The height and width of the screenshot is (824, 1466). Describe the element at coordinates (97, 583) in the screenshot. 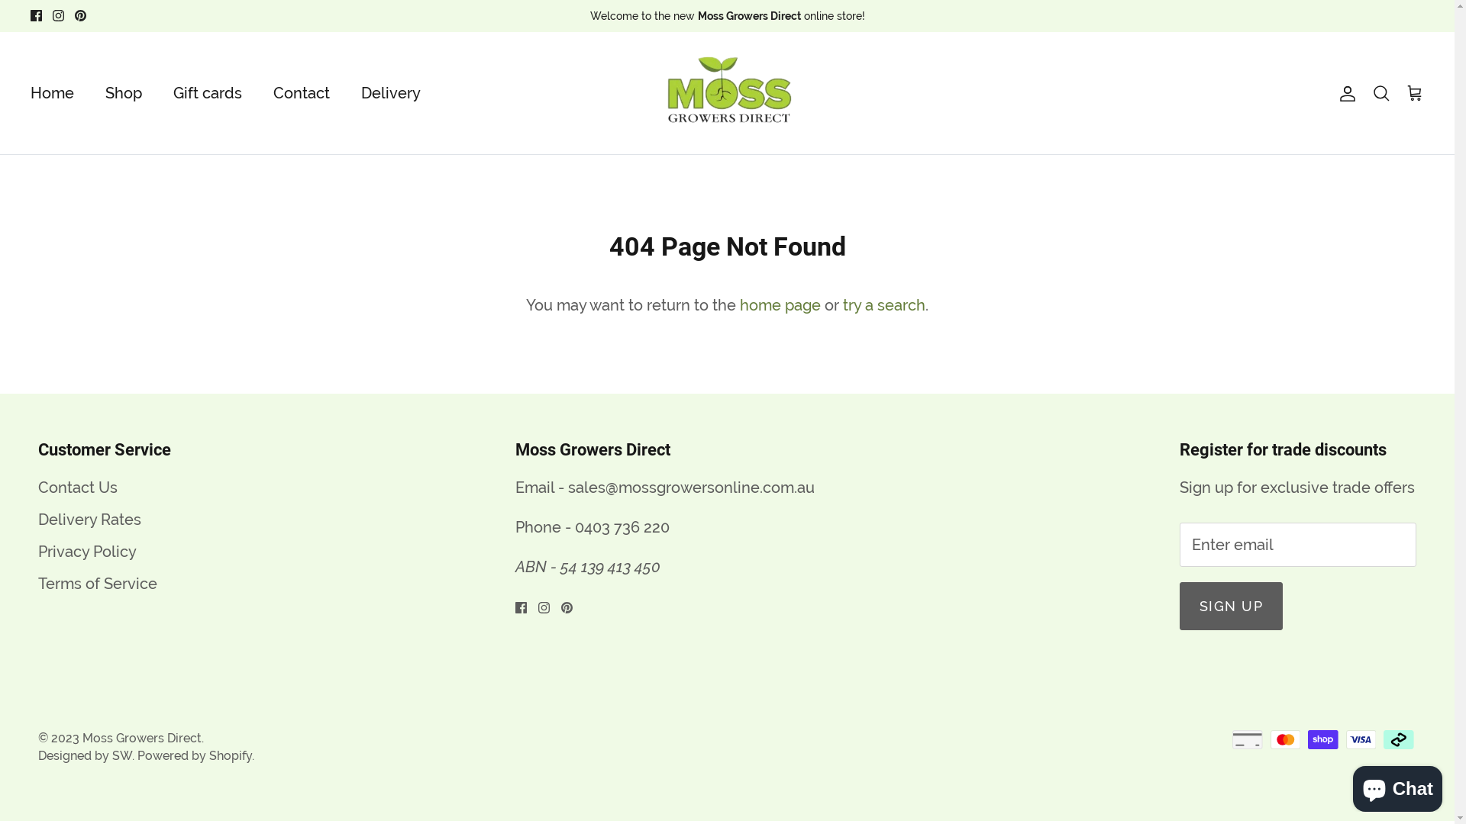

I see `'Terms of Service'` at that location.